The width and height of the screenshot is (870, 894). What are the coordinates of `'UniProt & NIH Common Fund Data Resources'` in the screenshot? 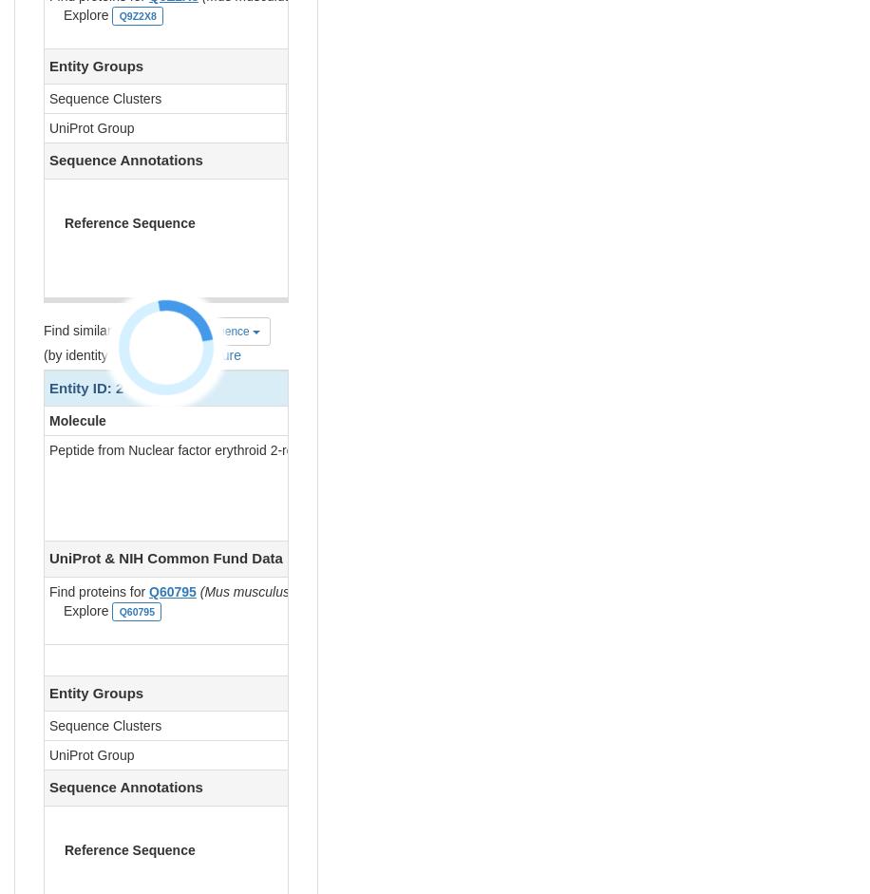 It's located at (202, 557).